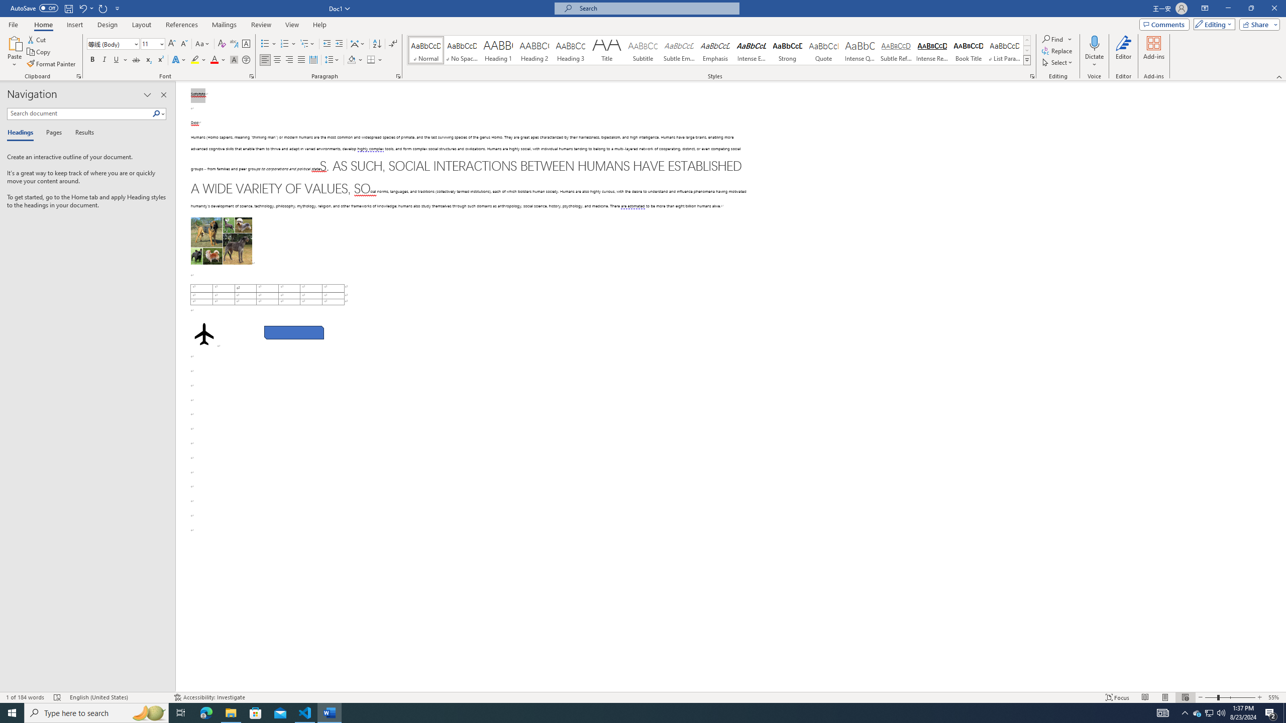 The width and height of the screenshot is (1286, 723). I want to click on 'Home', so click(43, 25).